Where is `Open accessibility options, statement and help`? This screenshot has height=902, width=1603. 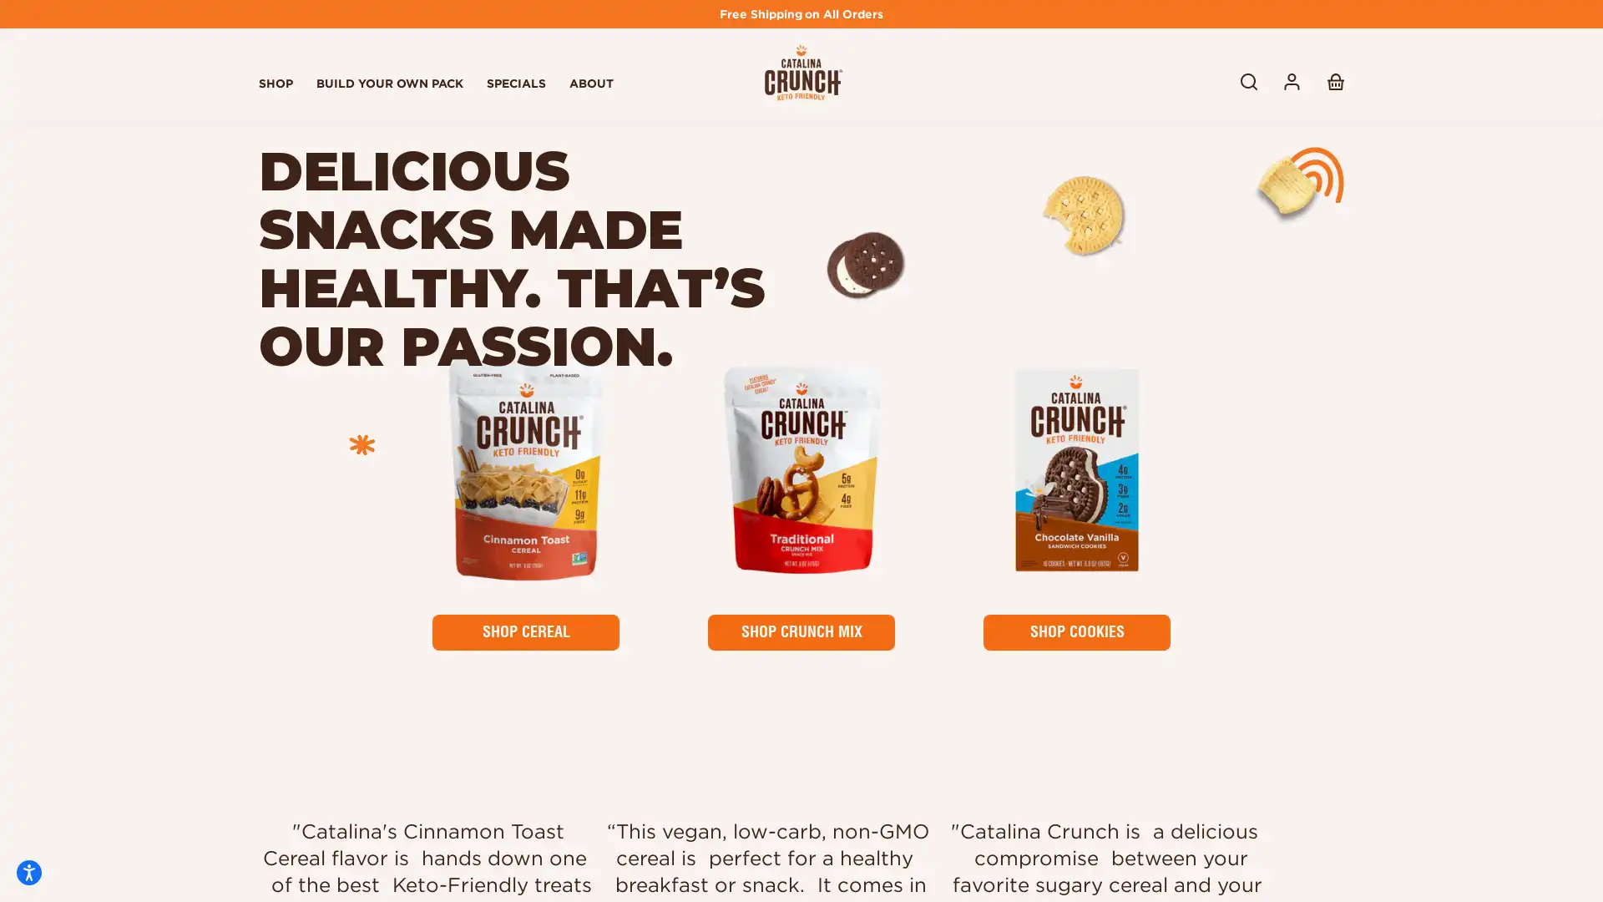
Open accessibility options, statement and help is located at coordinates (28, 872).